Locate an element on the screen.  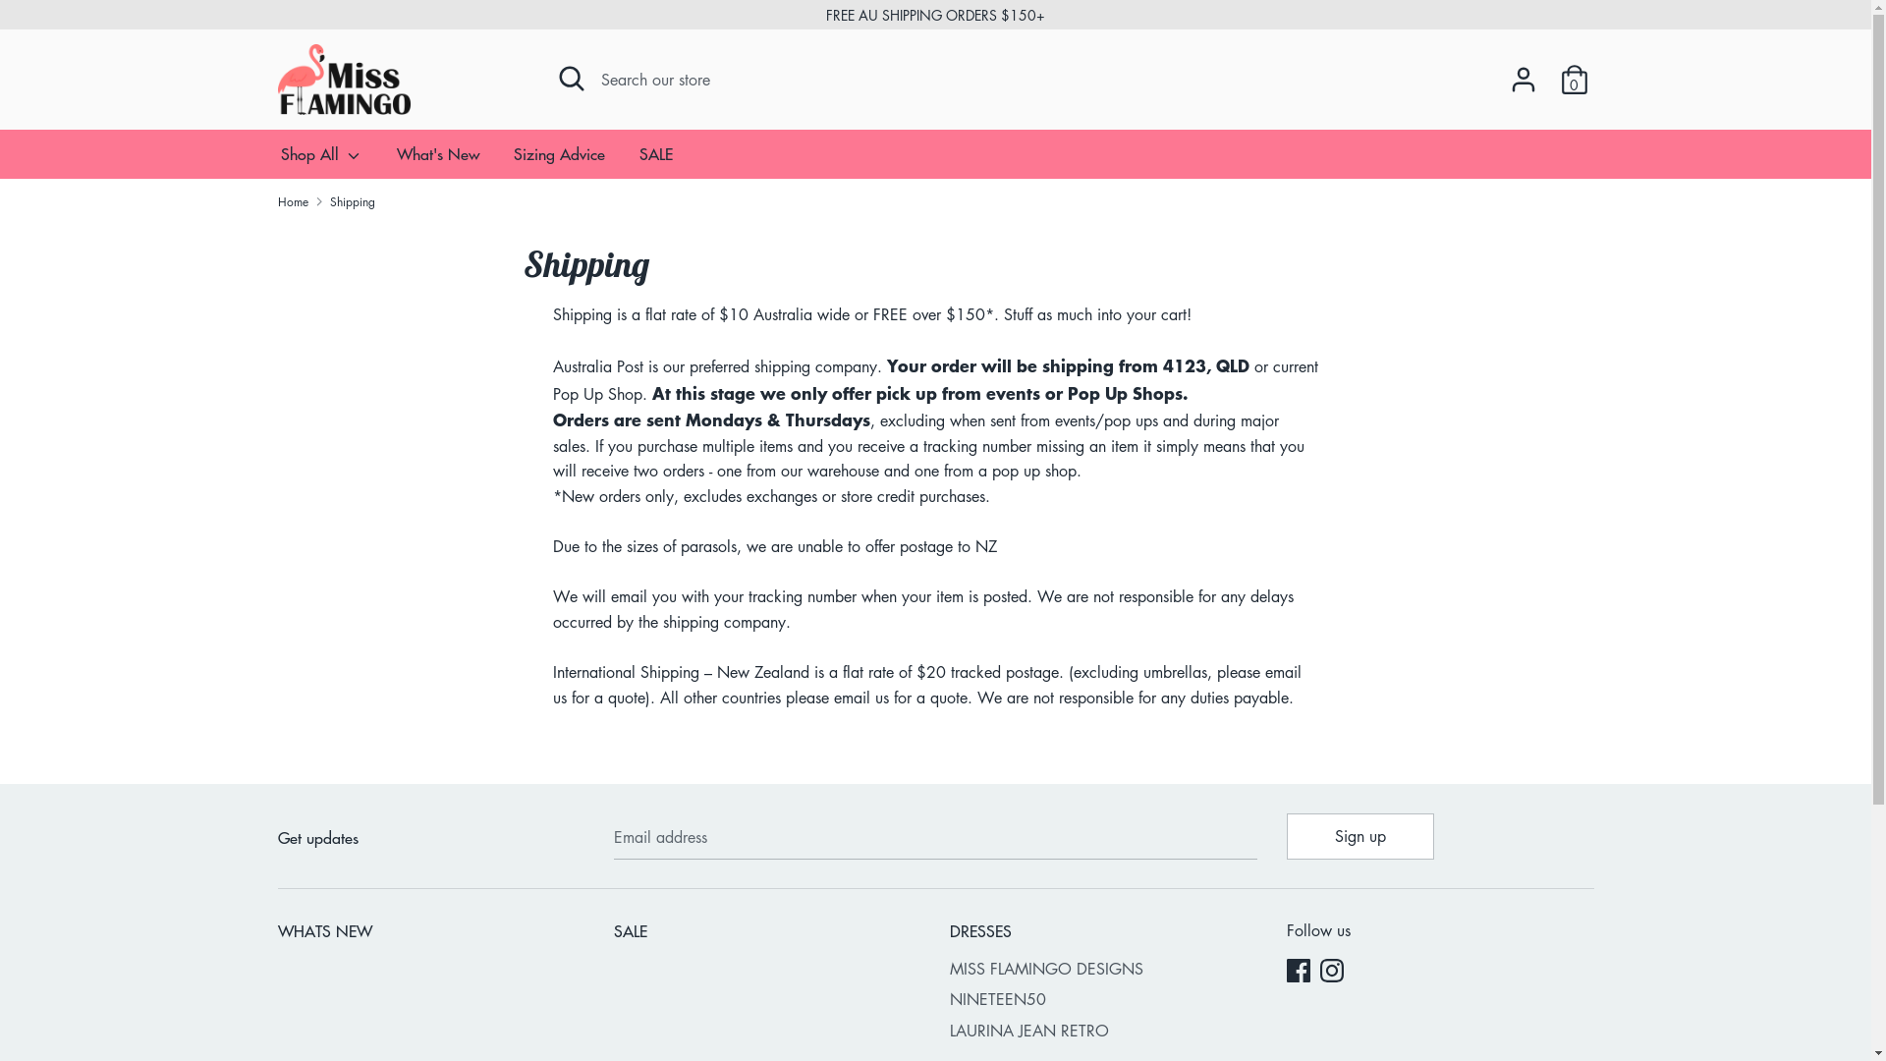
'Home' is located at coordinates (291, 201).